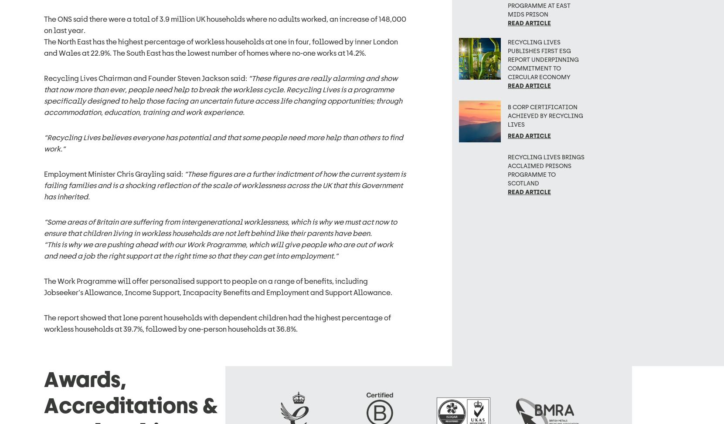 Image resolution: width=724 pixels, height=424 pixels. Describe the element at coordinates (340, 238) in the screenshot. I see `'Social Impact'` at that location.